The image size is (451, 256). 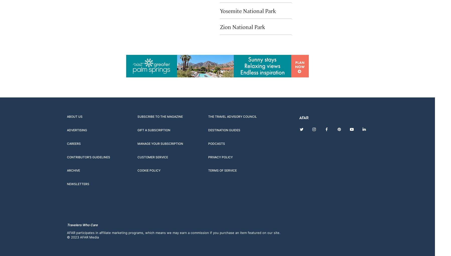 I want to click on 'Cookie Policy', so click(x=149, y=170).